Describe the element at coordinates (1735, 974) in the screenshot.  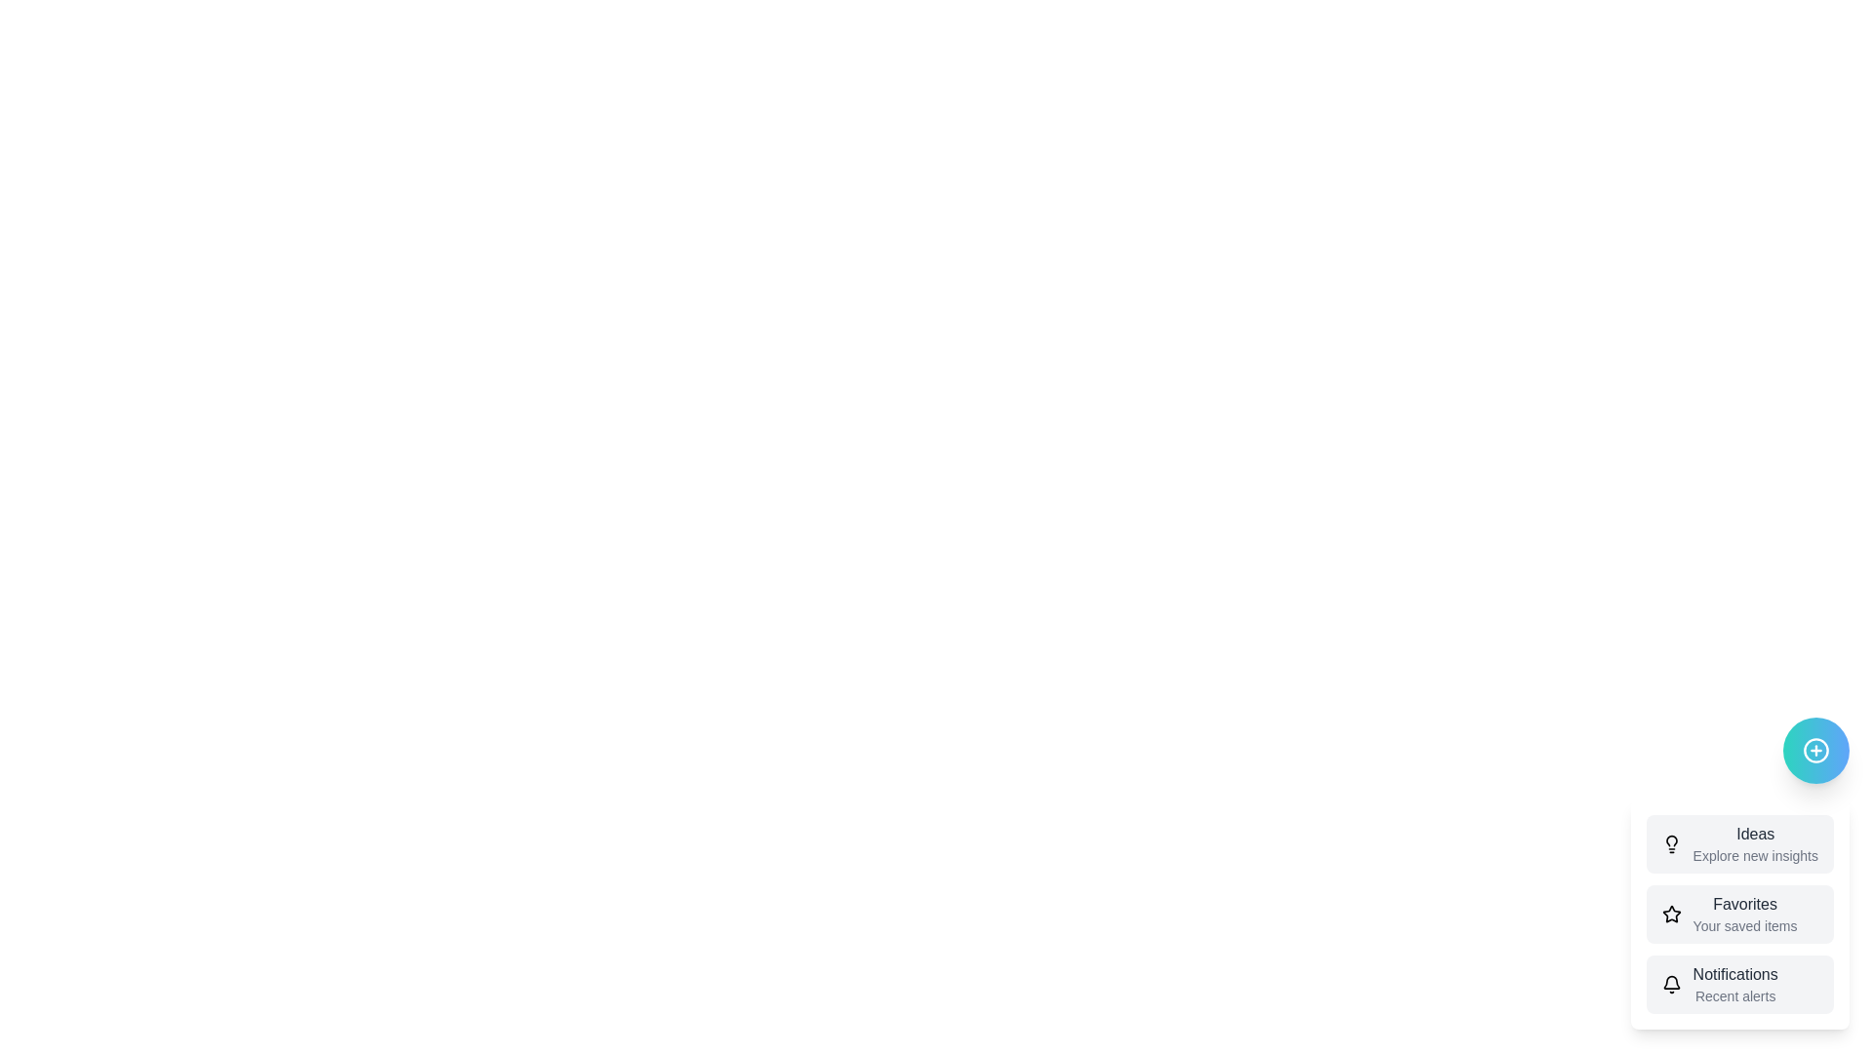
I see `the 'Notifications' text label, which serves as a section header for the notifications panel, located in the right-side menu beneath the 'Ideas' and 'Favorites' icons` at that location.